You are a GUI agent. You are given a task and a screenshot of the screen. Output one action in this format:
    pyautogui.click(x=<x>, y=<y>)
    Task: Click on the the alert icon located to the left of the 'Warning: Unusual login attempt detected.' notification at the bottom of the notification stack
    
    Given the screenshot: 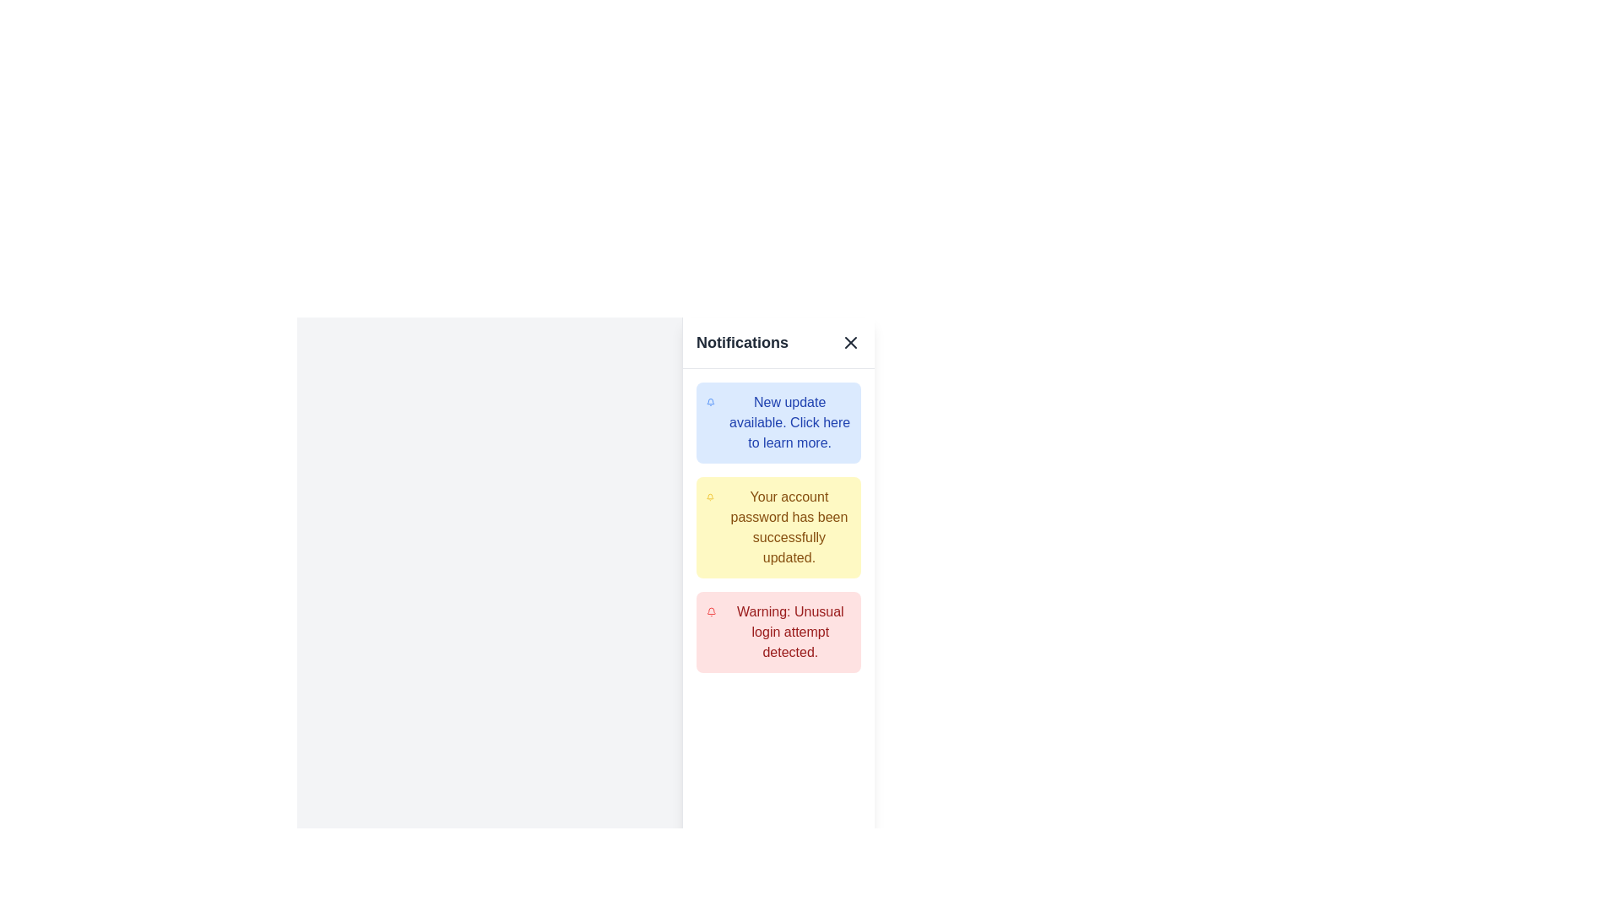 What is the action you would take?
    pyautogui.click(x=711, y=612)
    